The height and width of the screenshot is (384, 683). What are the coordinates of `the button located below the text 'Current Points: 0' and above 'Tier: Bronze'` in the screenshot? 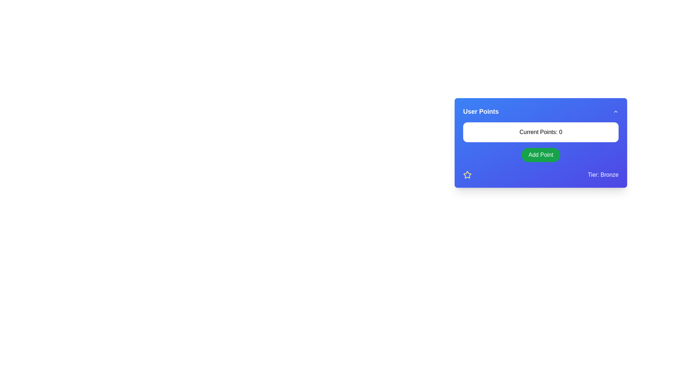 It's located at (541, 160).